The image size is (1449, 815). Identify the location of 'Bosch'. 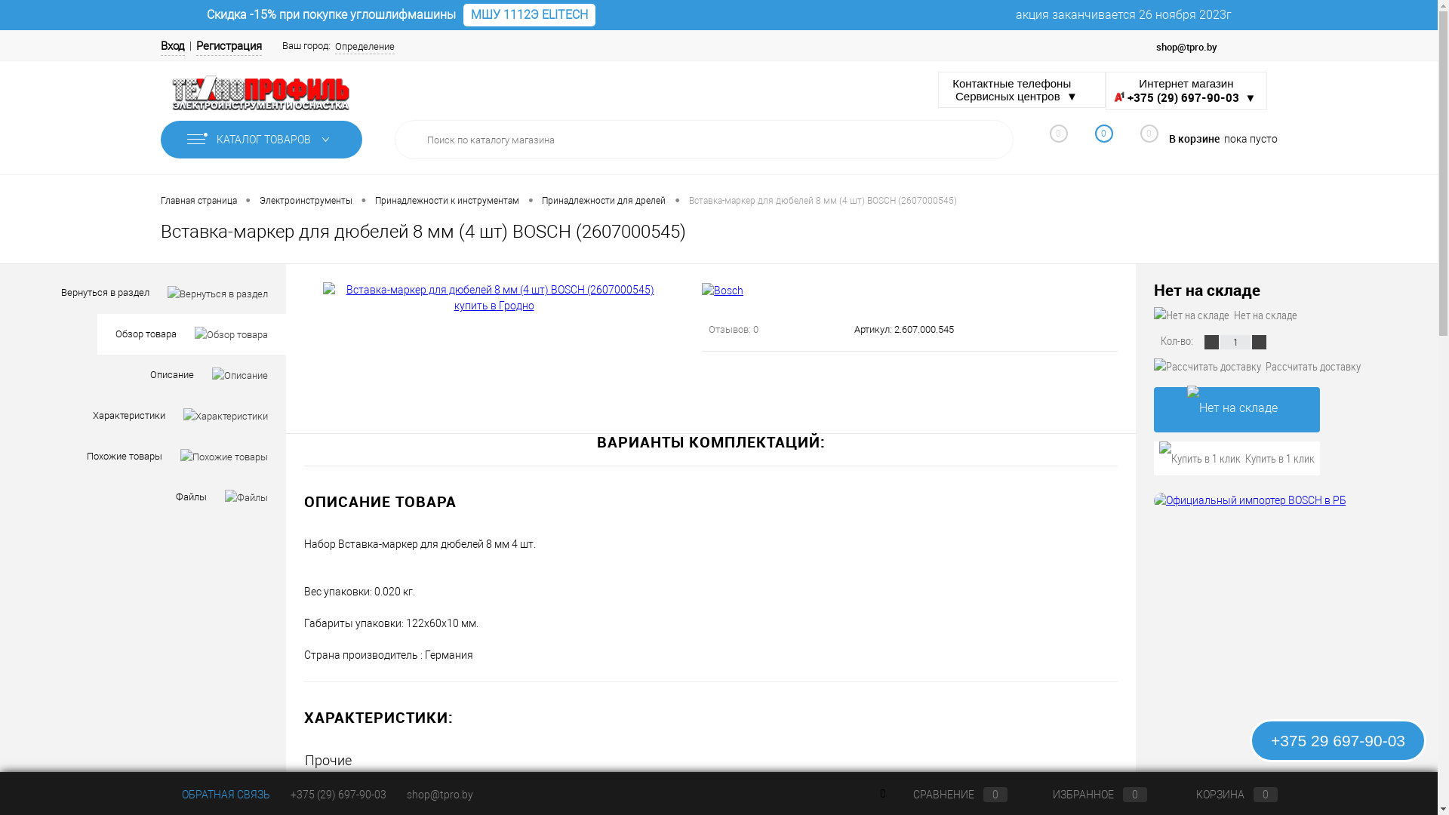
(586, 789).